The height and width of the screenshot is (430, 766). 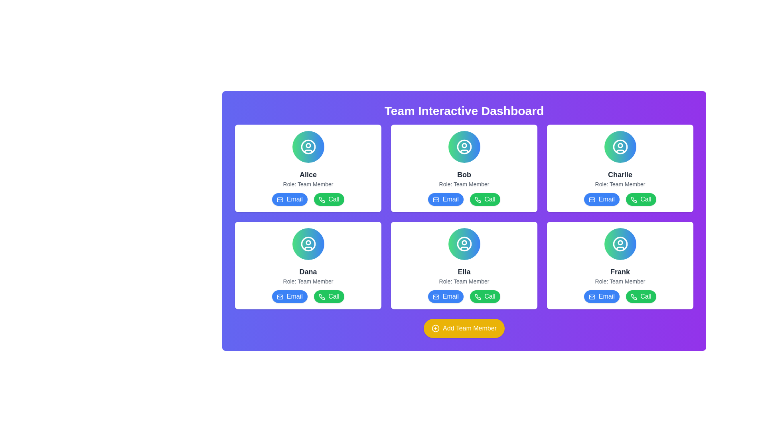 What do you see at coordinates (308, 147) in the screenshot?
I see `the Icon component in the center of Alice's profile picture located in the top-left card of the layout` at bounding box center [308, 147].